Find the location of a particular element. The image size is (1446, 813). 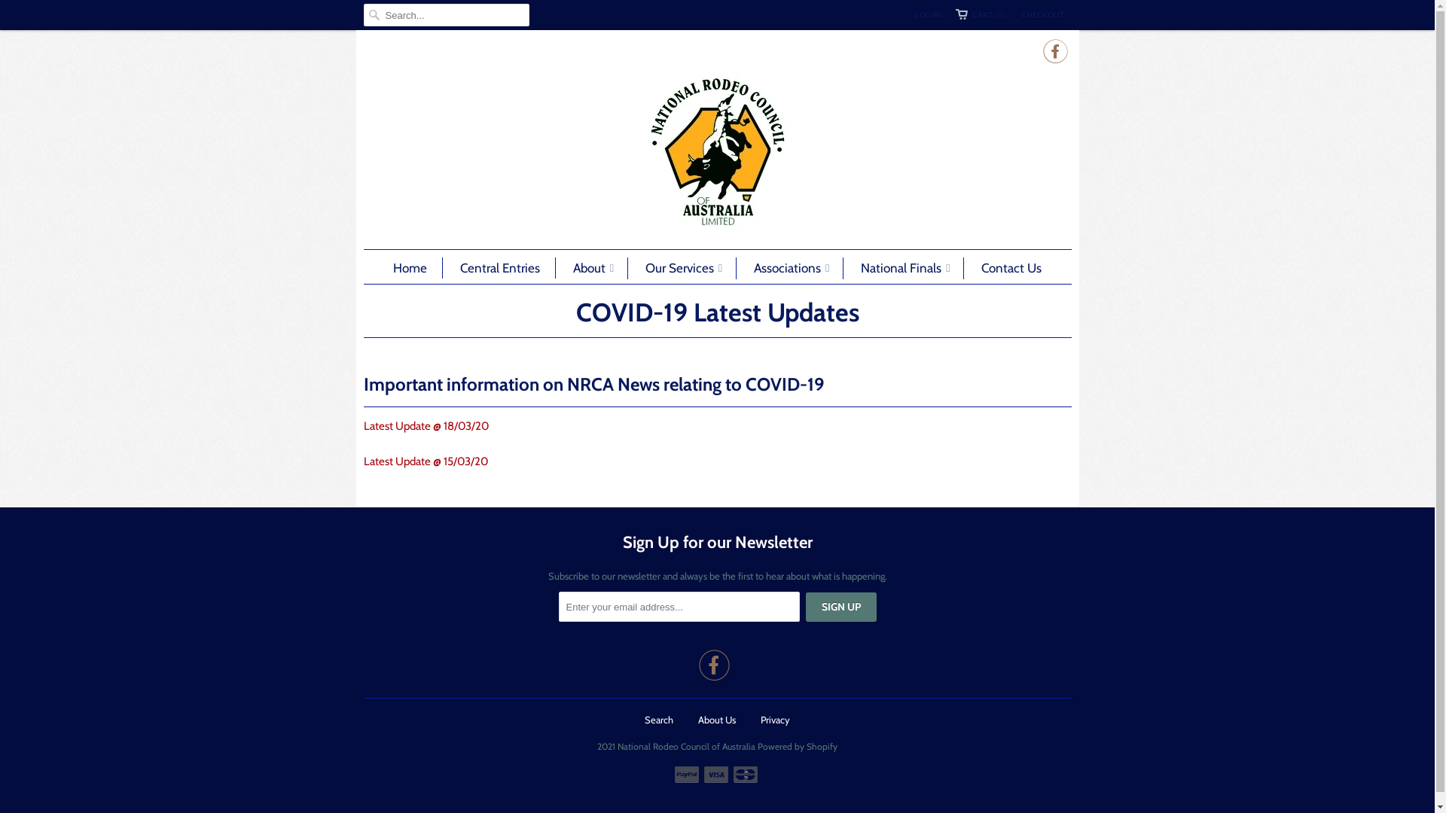

'Sign Up' is located at coordinates (805, 606).